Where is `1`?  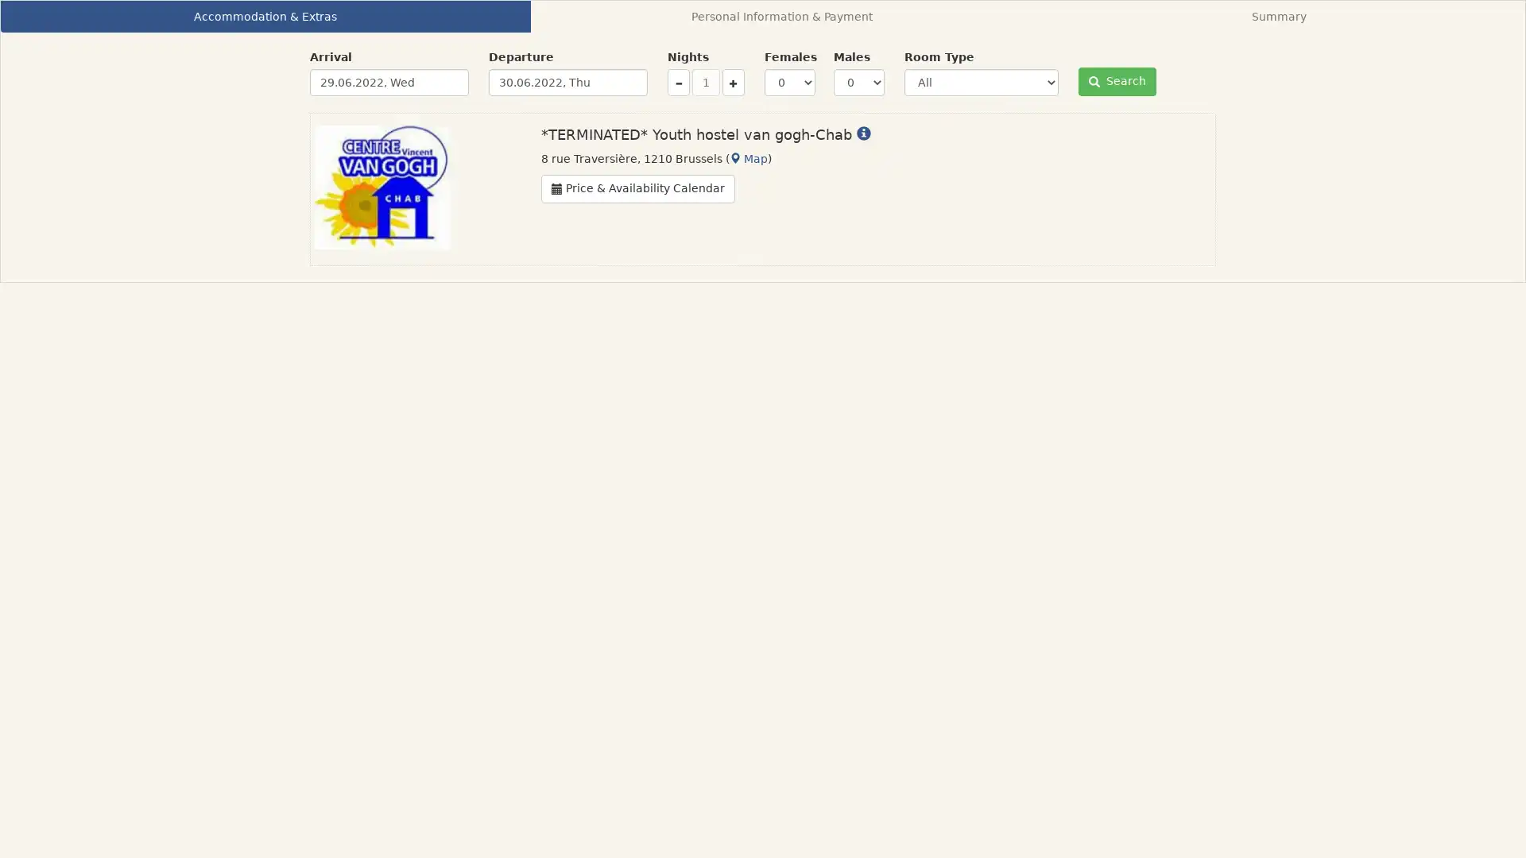
1 is located at coordinates (705, 83).